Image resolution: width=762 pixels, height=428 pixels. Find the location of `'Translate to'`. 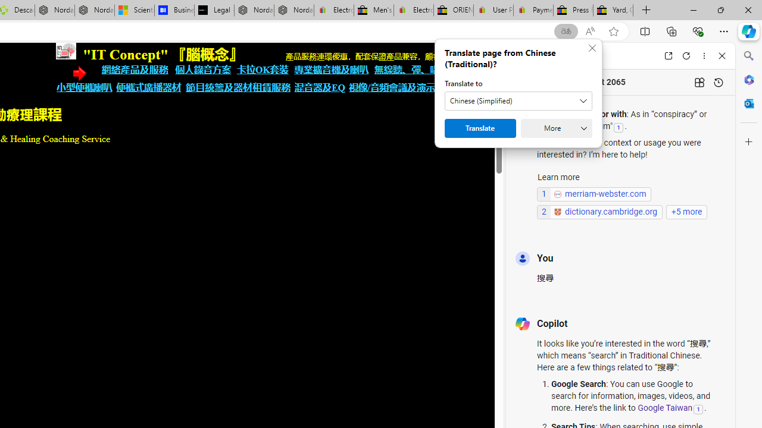

'Translate to' is located at coordinates (519, 100).